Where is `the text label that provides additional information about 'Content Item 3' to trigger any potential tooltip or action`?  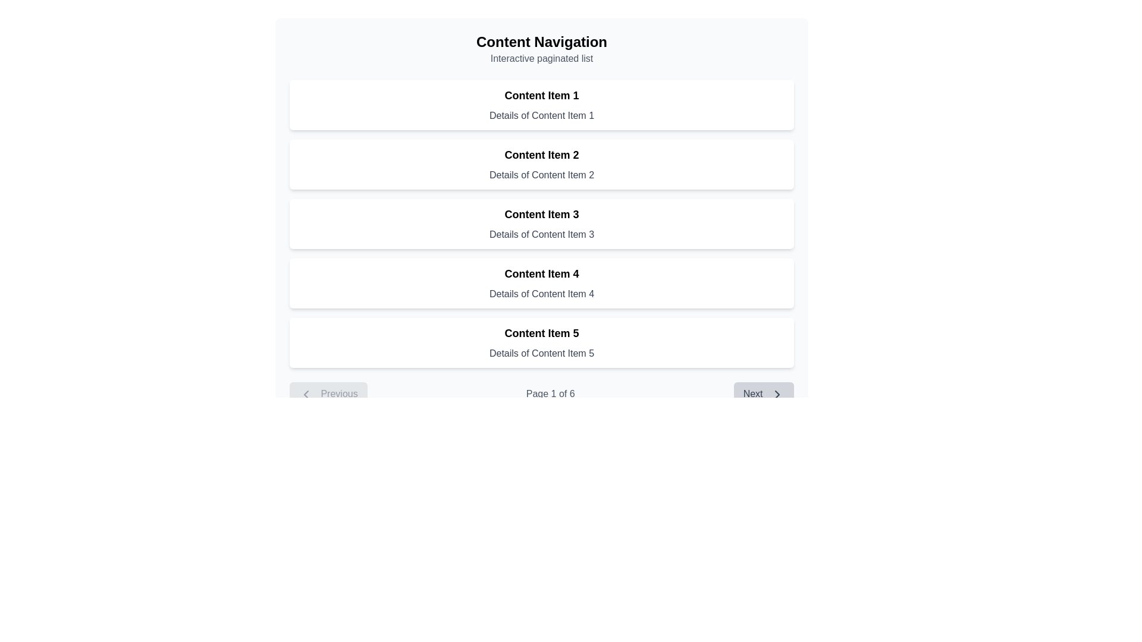
the text label that provides additional information about 'Content Item 3' to trigger any potential tooltip or action is located at coordinates (541, 234).